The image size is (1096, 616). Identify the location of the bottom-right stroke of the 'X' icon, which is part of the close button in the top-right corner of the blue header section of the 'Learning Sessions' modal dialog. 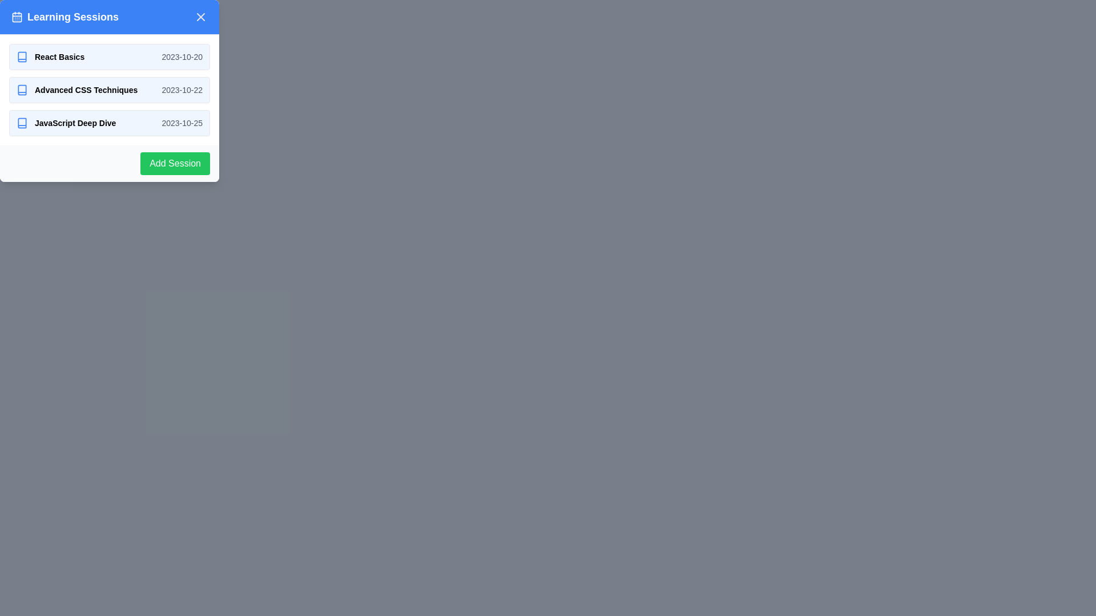
(200, 17).